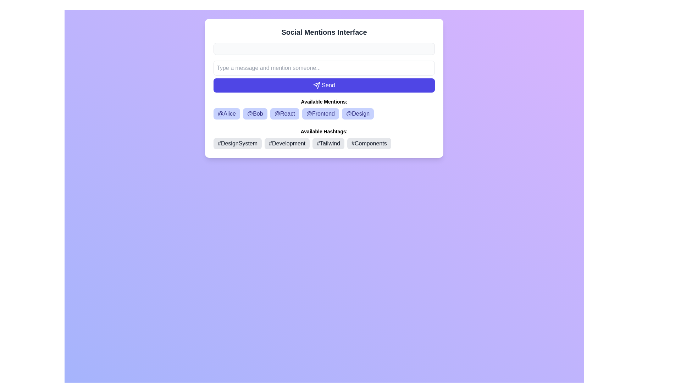  Describe the element at coordinates (358, 113) in the screenshot. I see `the '@Design' tag styled button, which is the last in the row of mentions under 'Available Mentions'` at that location.